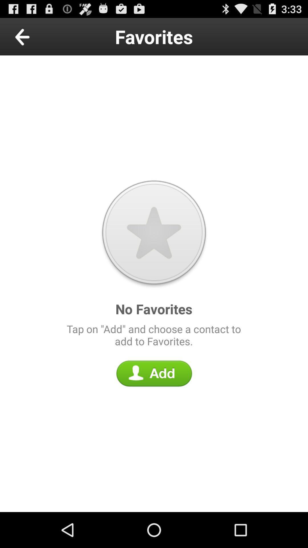 The height and width of the screenshot is (548, 308). I want to click on the item at the bottom, so click(154, 373).